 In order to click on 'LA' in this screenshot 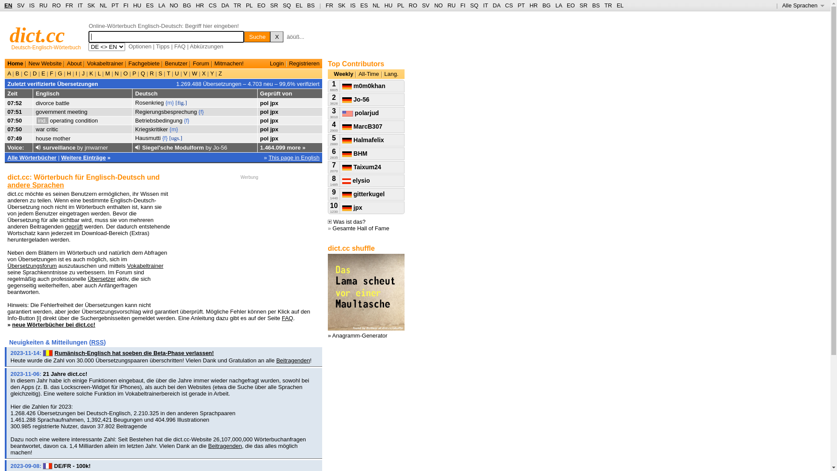, I will do `click(161, 5)`.